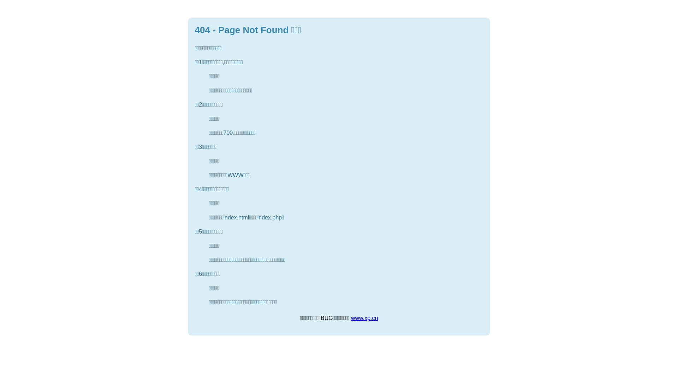  What do you see at coordinates (351, 318) in the screenshot?
I see `'www.xp.cn'` at bounding box center [351, 318].